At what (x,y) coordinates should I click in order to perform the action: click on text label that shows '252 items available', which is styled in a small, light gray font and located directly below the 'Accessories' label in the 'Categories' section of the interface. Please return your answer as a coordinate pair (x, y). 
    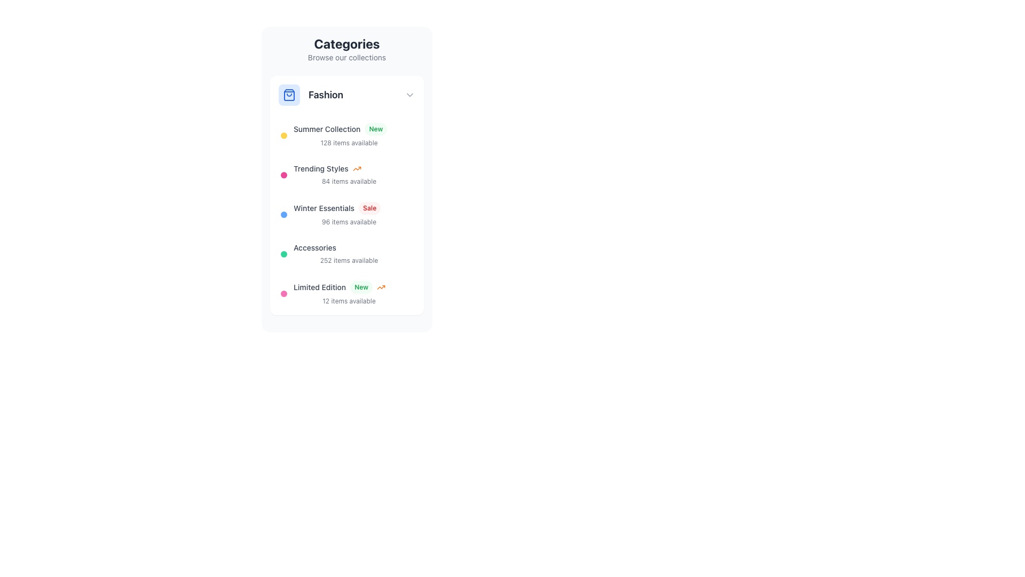
    Looking at the image, I should click on (349, 260).